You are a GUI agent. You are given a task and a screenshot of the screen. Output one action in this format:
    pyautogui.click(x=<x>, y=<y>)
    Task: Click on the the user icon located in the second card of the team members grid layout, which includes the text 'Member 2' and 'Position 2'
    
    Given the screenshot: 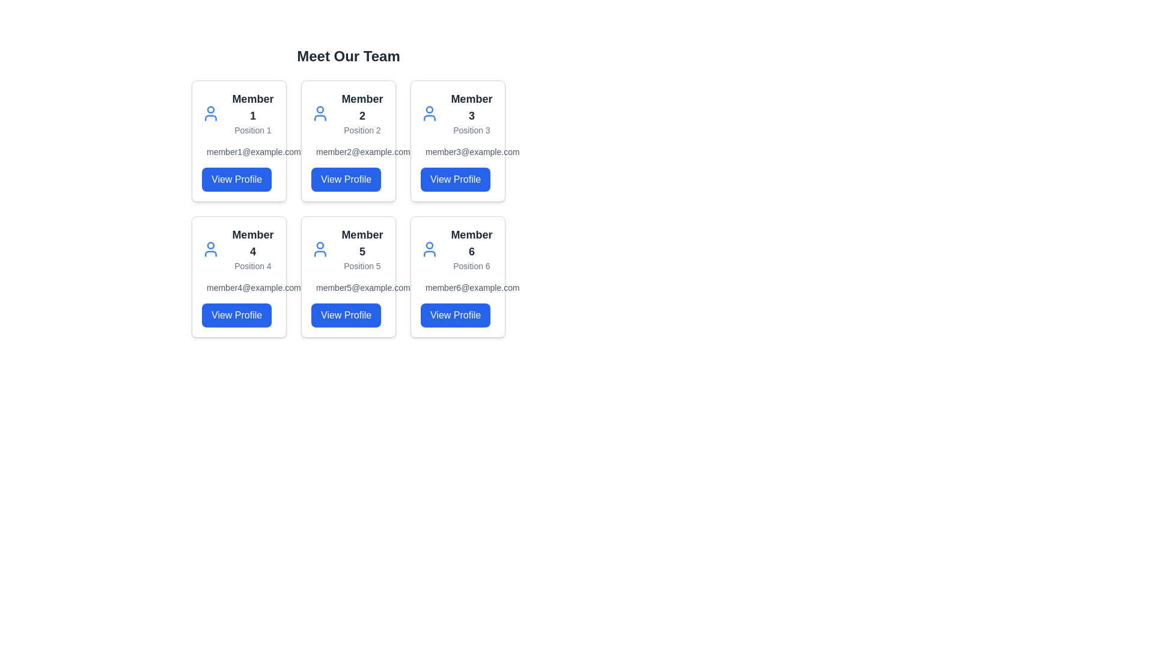 What is the action you would take?
    pyautogui.click(x=320, y=114)
    